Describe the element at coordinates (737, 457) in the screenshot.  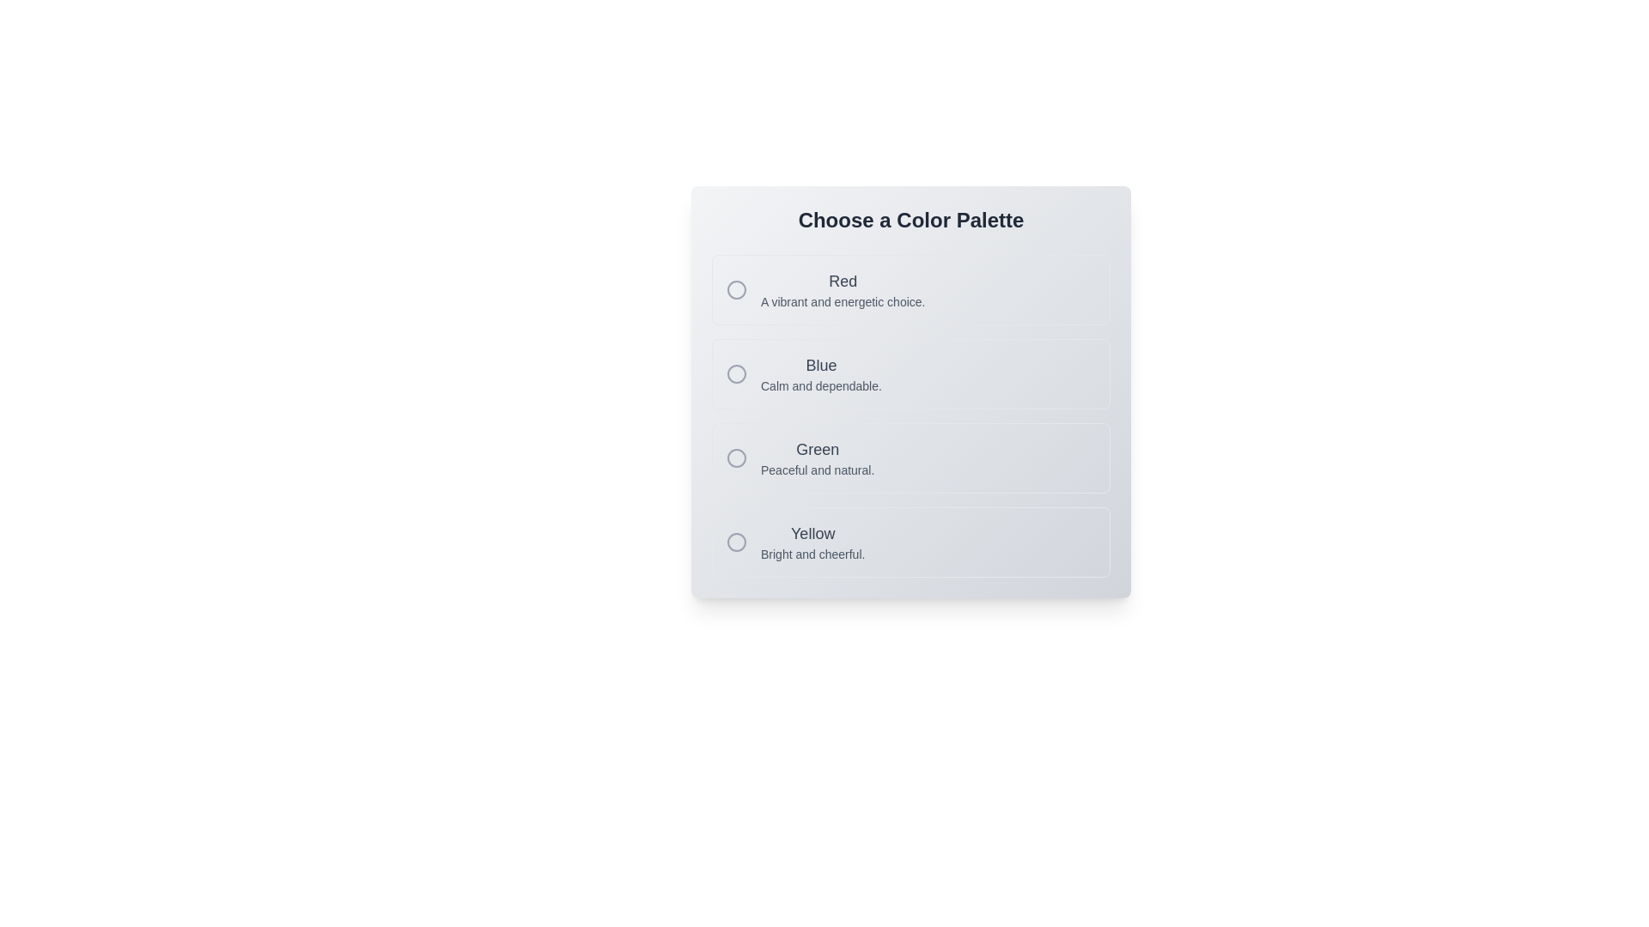
I see `the circular graphic representing the 'Green' option in the color palette selection interface, which is the third option in a vertical list` at that location.